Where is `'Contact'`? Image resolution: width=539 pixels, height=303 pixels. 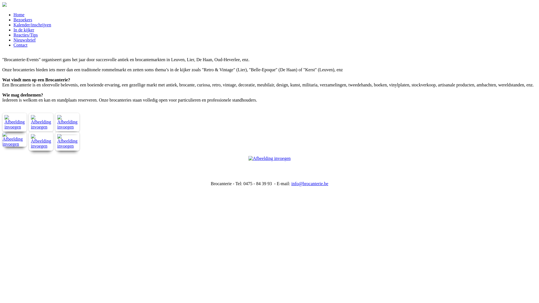
'Contact' is located at coordinates (20, 45).